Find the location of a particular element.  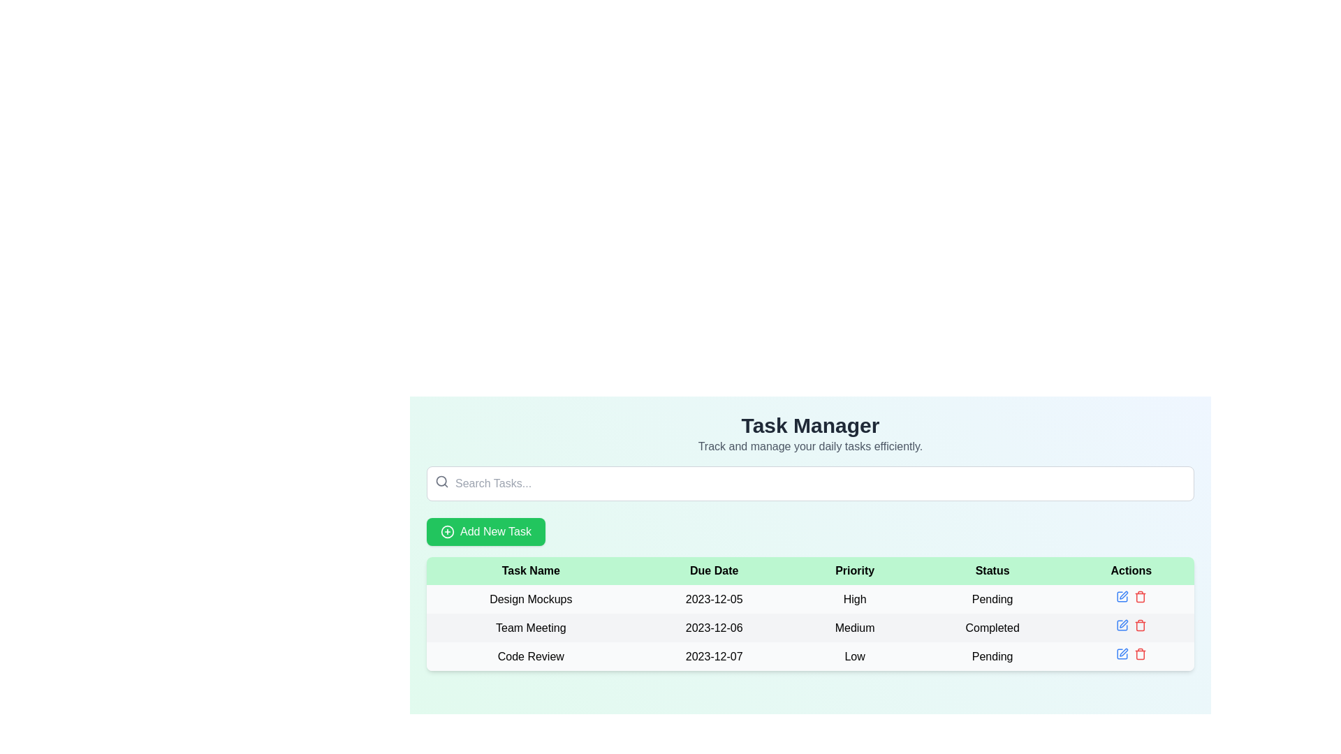

the text label displaying 'Team Meeting', which is the first cell in the second row of the task table, under the 'Task Name' header and following the 'Design Mockups' row is located at coordinates (530, 627).